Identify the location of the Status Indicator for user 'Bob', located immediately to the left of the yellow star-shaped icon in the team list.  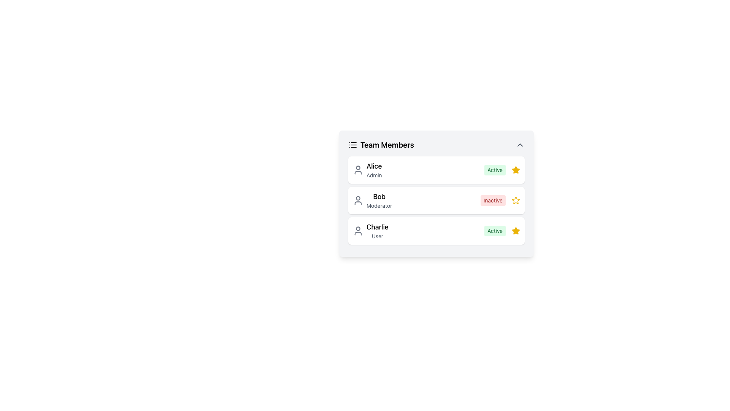
(500, 200).